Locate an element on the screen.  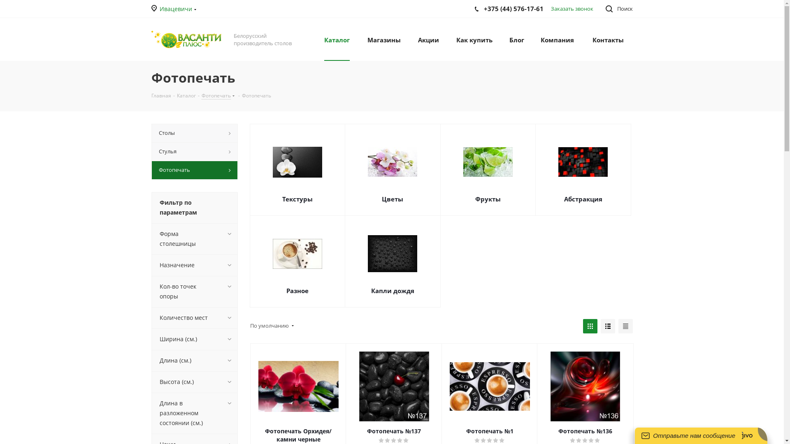
'4' is located at coordinates (493, 440).